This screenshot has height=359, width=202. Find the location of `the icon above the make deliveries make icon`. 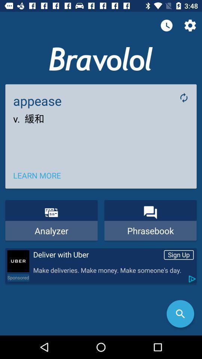

the icon above the make deliveries make icon is located at coordinates (97, 255).